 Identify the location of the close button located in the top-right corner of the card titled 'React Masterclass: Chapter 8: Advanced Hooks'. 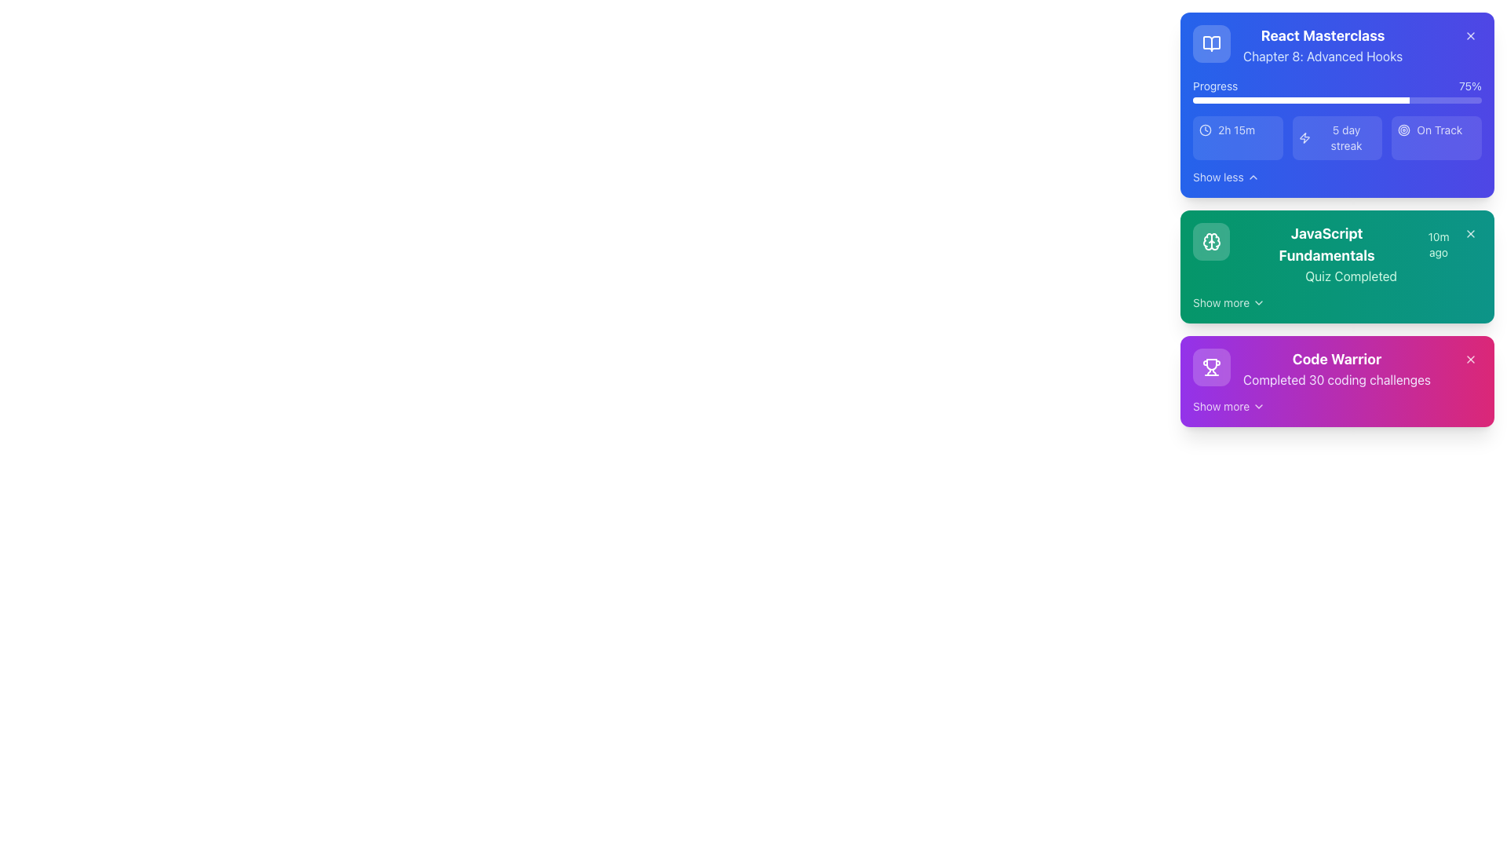
(1469, 35).